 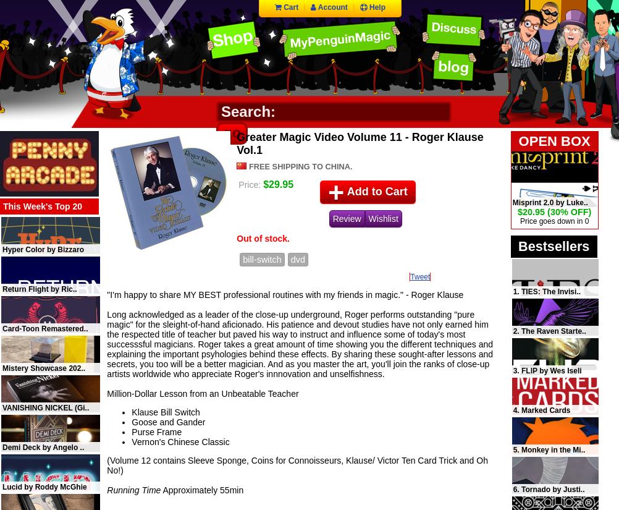 What do you see at coordinates (554, 245) in the screenshot?
I see `'Bestsellers'` at bounding box center [554, 245].